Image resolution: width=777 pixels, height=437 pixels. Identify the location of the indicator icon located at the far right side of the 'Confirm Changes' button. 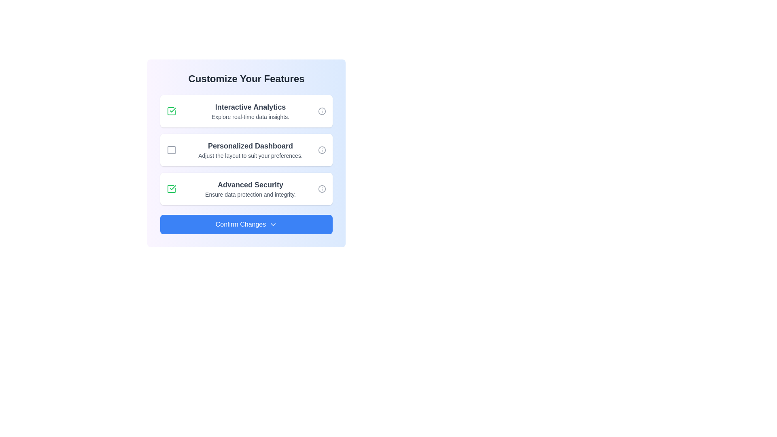
(273, 225).